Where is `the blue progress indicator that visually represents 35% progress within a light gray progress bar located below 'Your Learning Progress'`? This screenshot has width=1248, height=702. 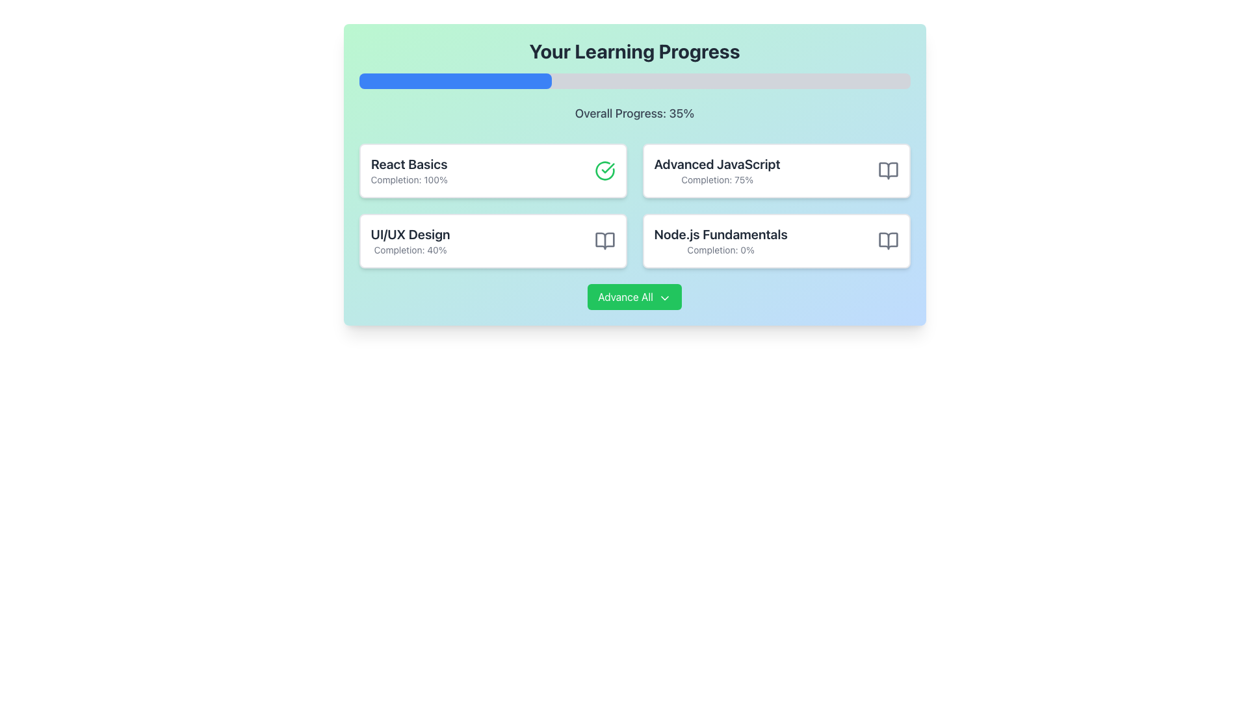 the blue progress indicator that visually represents 35% progress within a light gray progress bar located below 'Your Learning Progress' is located at coordinates (455, 81).